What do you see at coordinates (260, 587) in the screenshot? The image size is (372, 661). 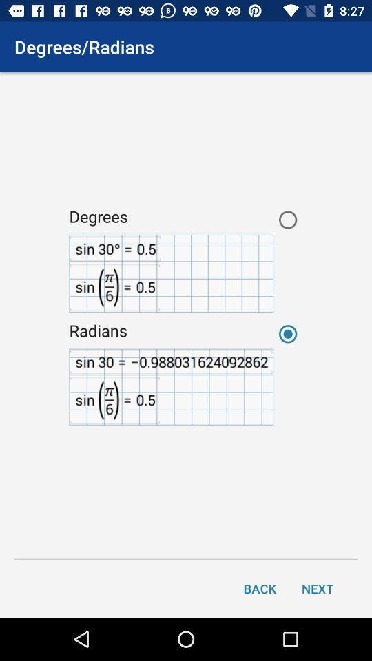 I see `the item to the left of next icon` at bounding box center [260, 587].